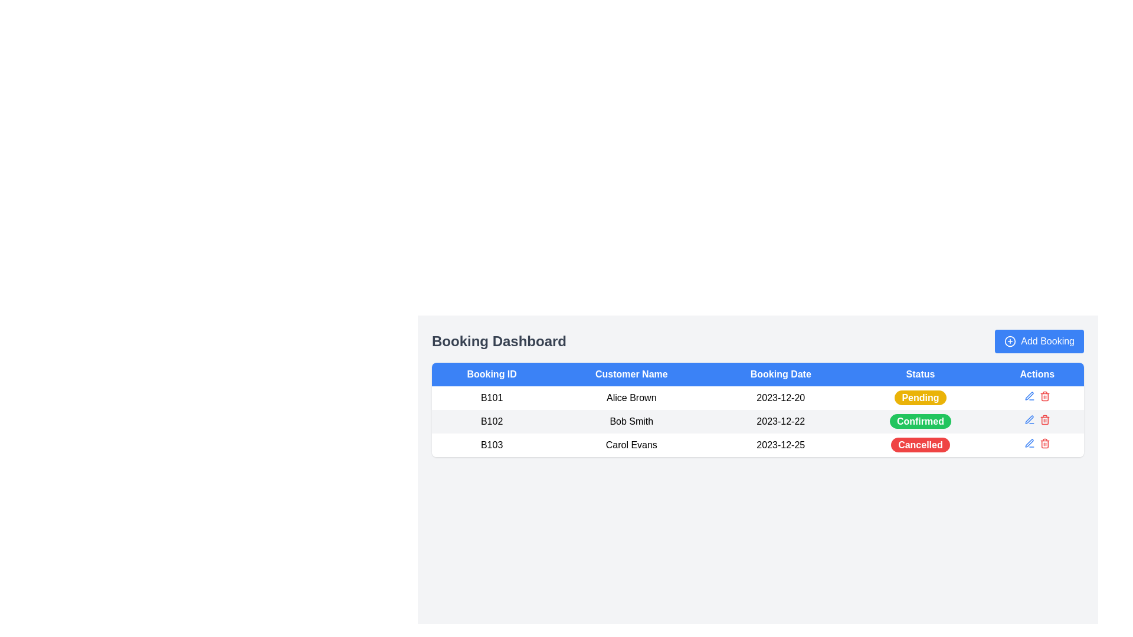 The image size is (1133, 637). I want to click on the rounded button labeled 'Cancelled' with a vivid red background in the 'Status' column of the booking ID 'B103' for customer 'Carol Evans', so click(920, 445).